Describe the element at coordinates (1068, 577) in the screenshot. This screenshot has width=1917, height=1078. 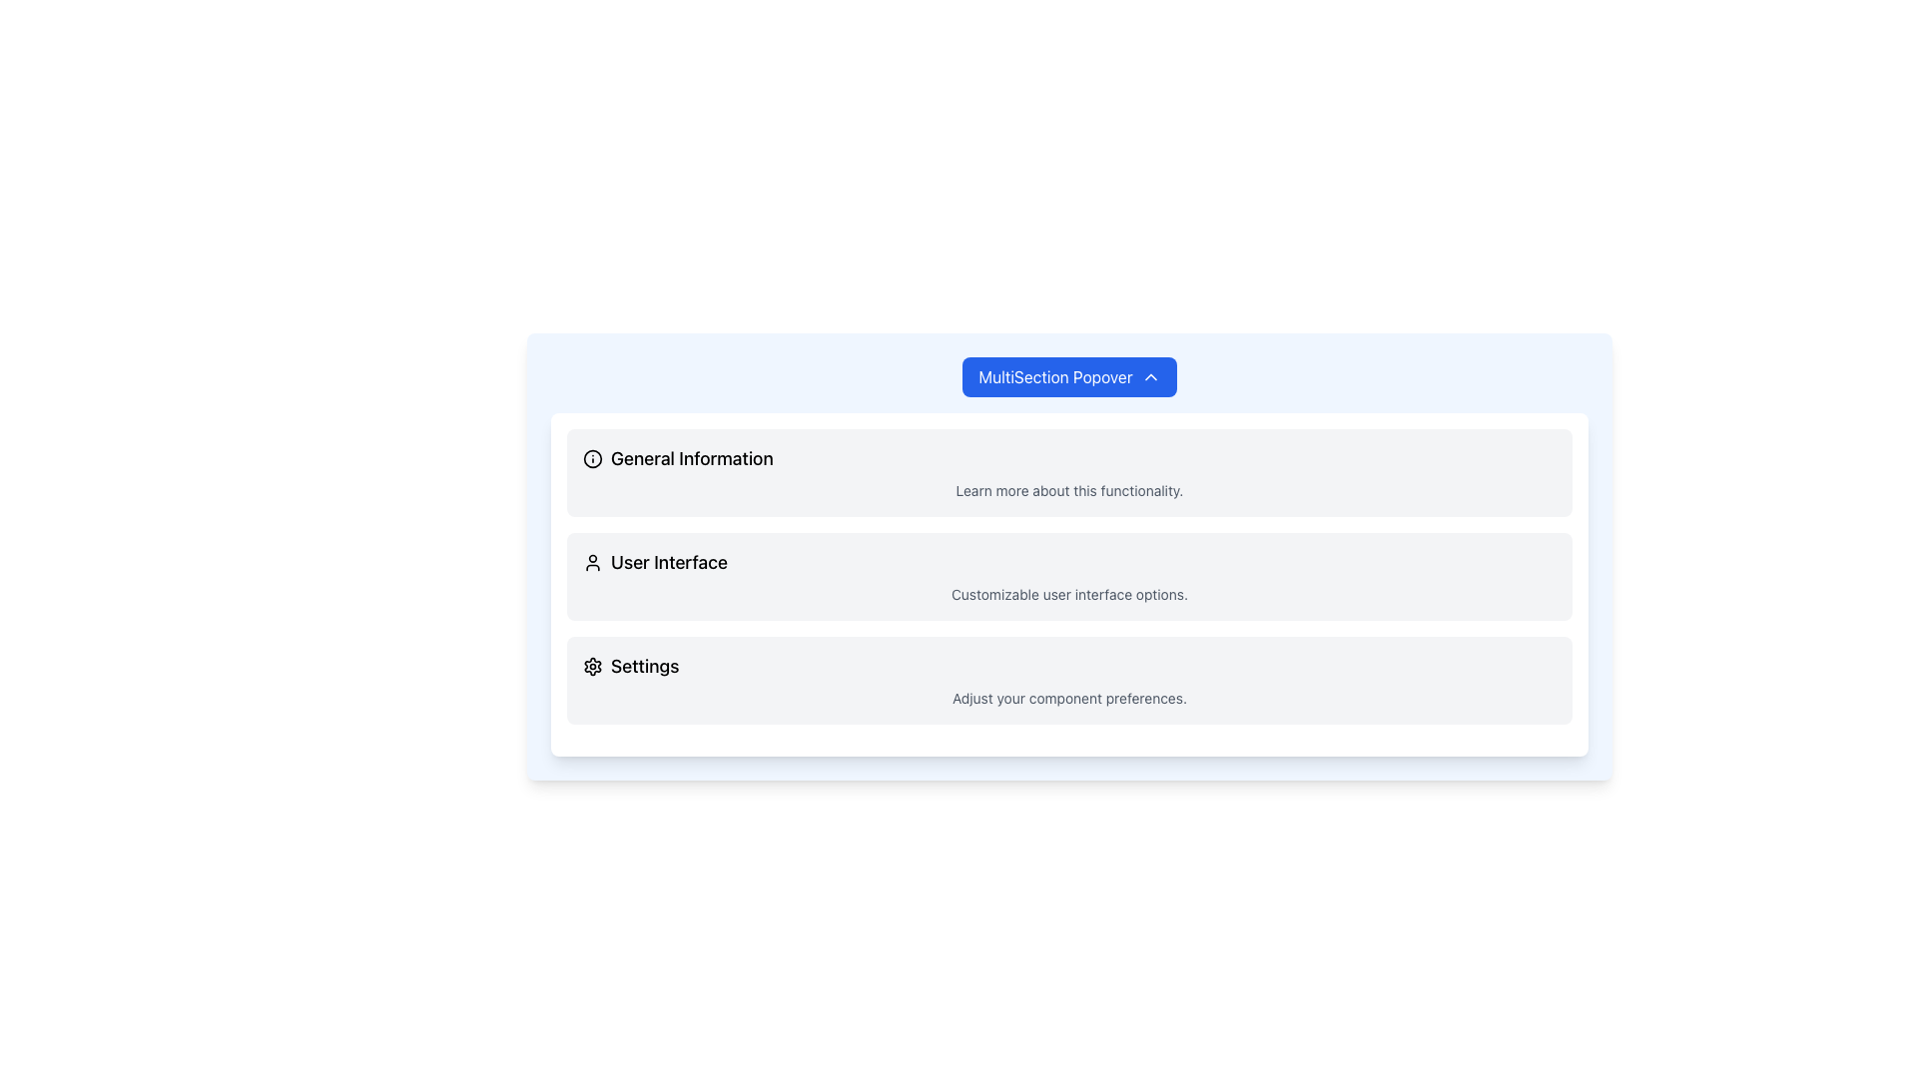
I see `information from the second informational section located between the 'General Information' and 'Settings' sections` at that location.